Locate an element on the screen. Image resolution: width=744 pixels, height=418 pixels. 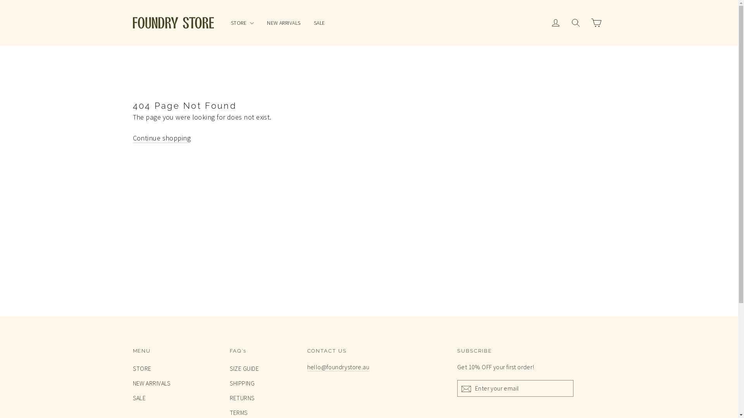
'Skip to content' is located at coordinates (0, 0).